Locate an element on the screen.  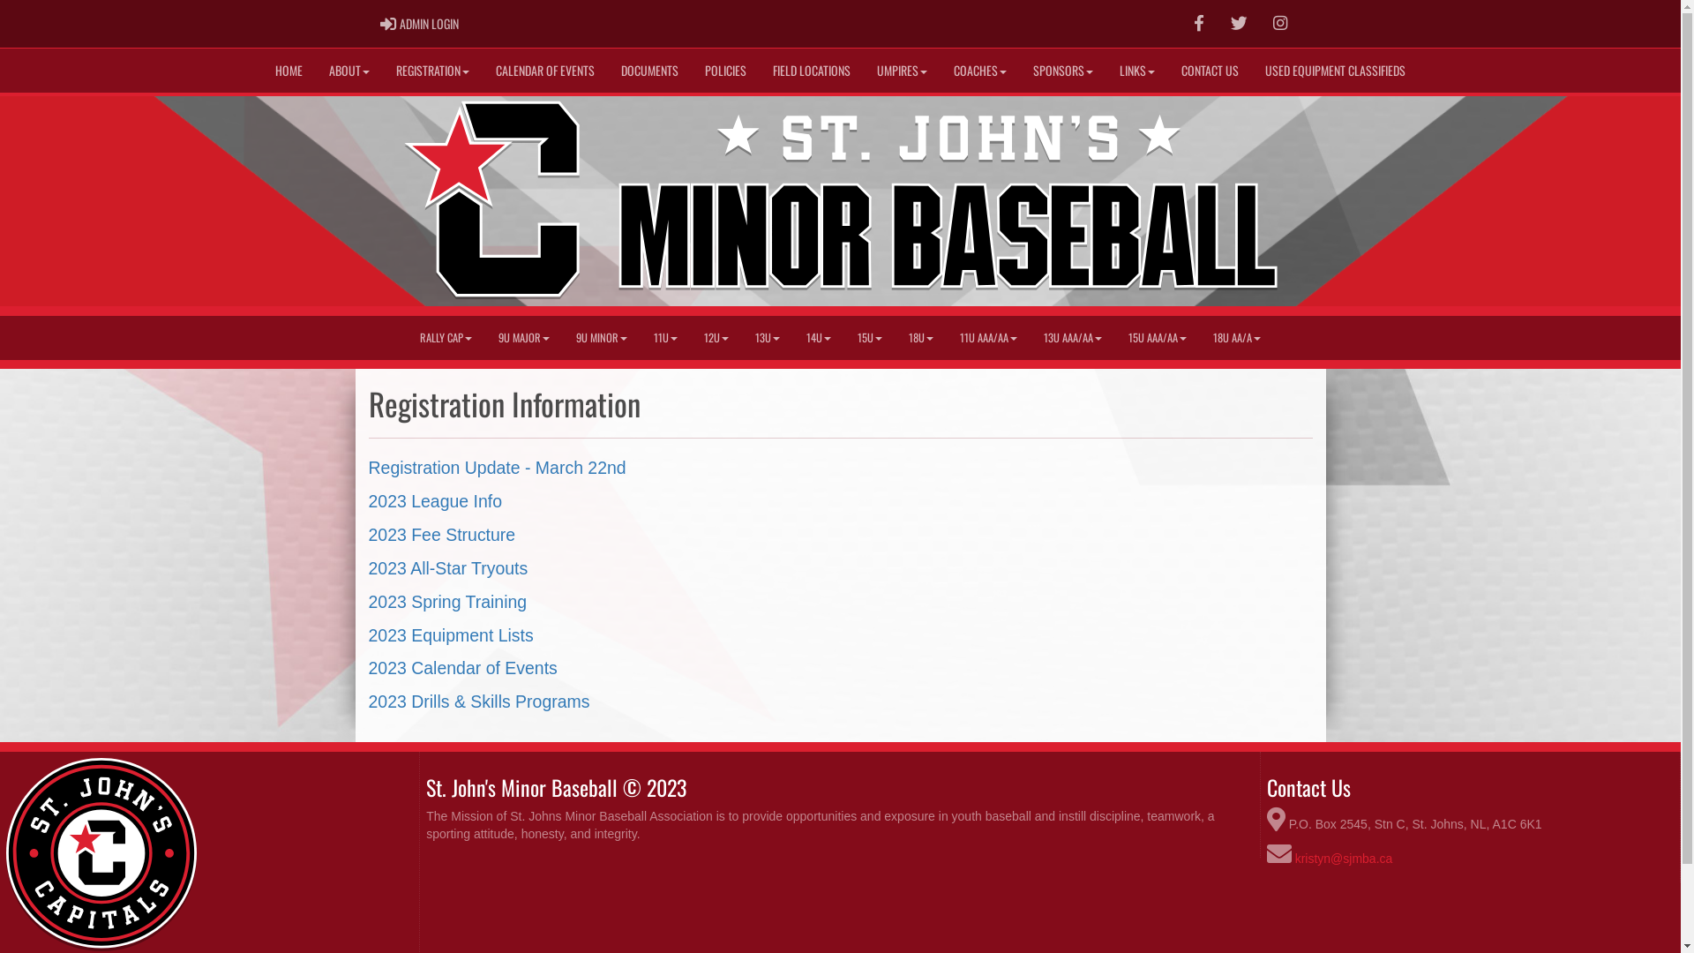
'UMPIRES' is located at coordinates (902, 70).